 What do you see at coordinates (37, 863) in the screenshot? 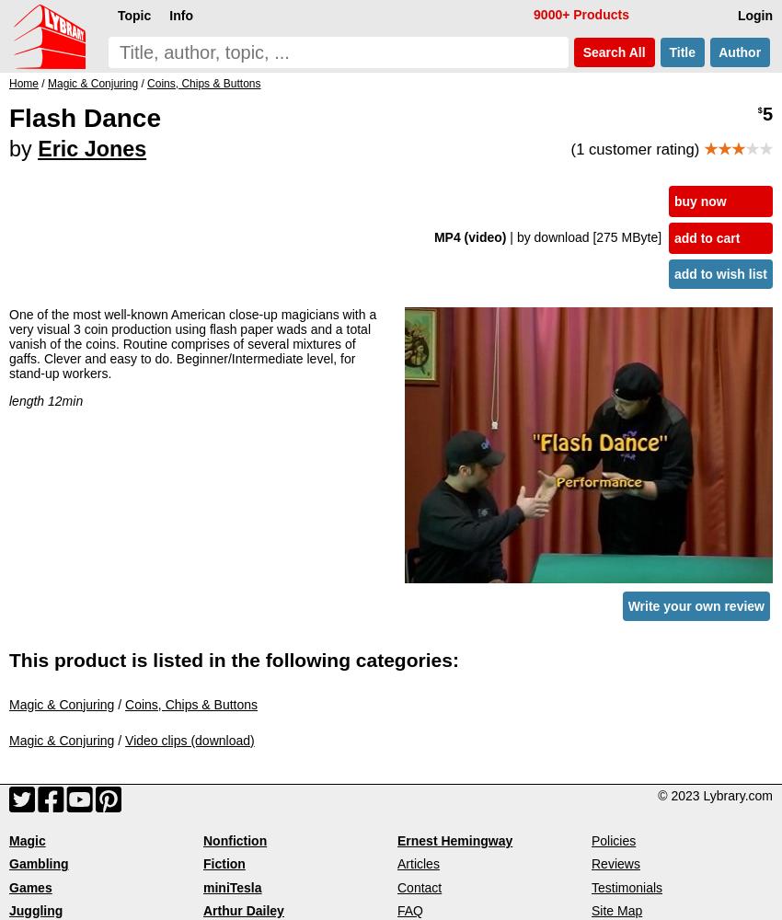
I see `'Gambling'` at bounding box center [37, 863].